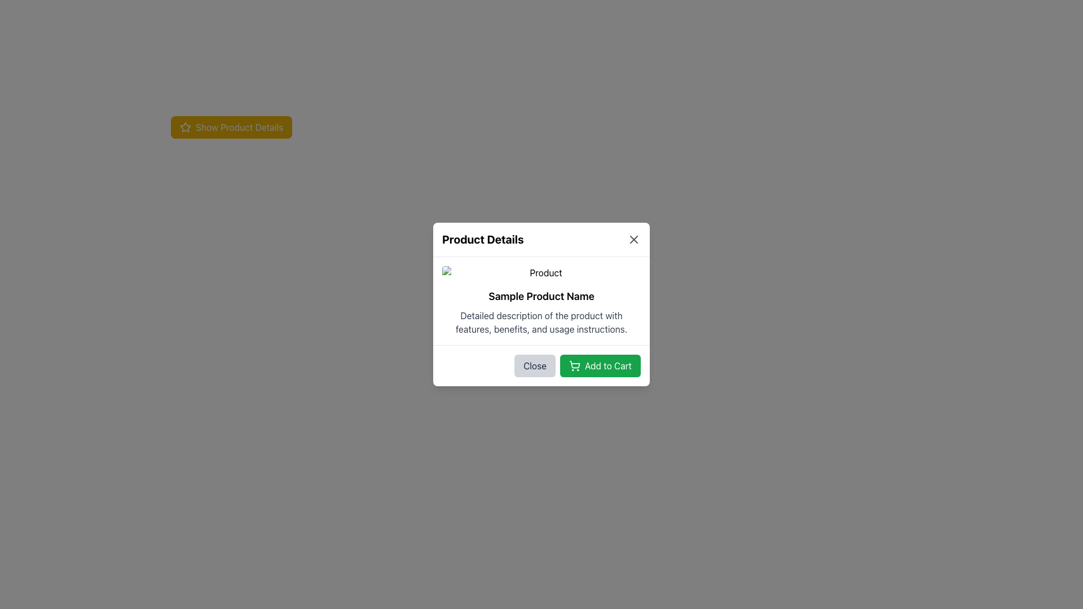 This screenshot has height=609, width=1083. What do you see at coordinates (534, 365) in the screenshot?
I see `the close button located at the bottom-left corner of the modal dialog` at bounding box center [534, 365].